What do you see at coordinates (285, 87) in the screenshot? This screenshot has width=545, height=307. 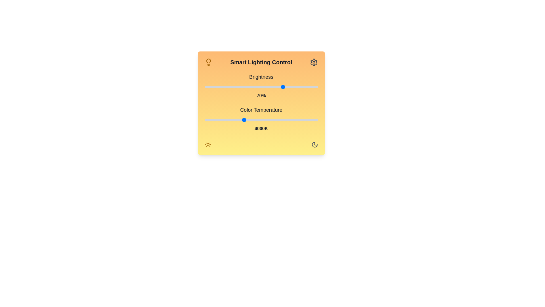 I see `the brightness slider to set the brightness to 71%` at bounding box center [285, 87].